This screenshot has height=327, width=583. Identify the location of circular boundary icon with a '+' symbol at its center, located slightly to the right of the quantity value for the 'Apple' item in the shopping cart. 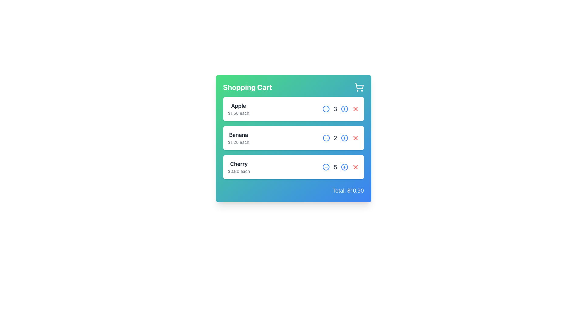
(344, 108).